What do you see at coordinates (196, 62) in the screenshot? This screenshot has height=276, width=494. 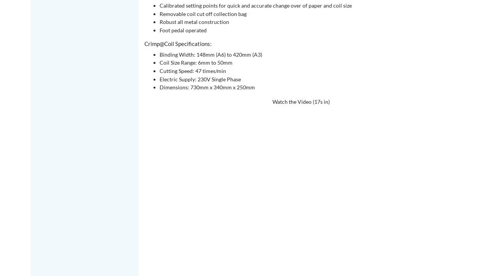 I see `'Coil Size Range: 6mm to 50mm'` at bounding box center [196, 62].